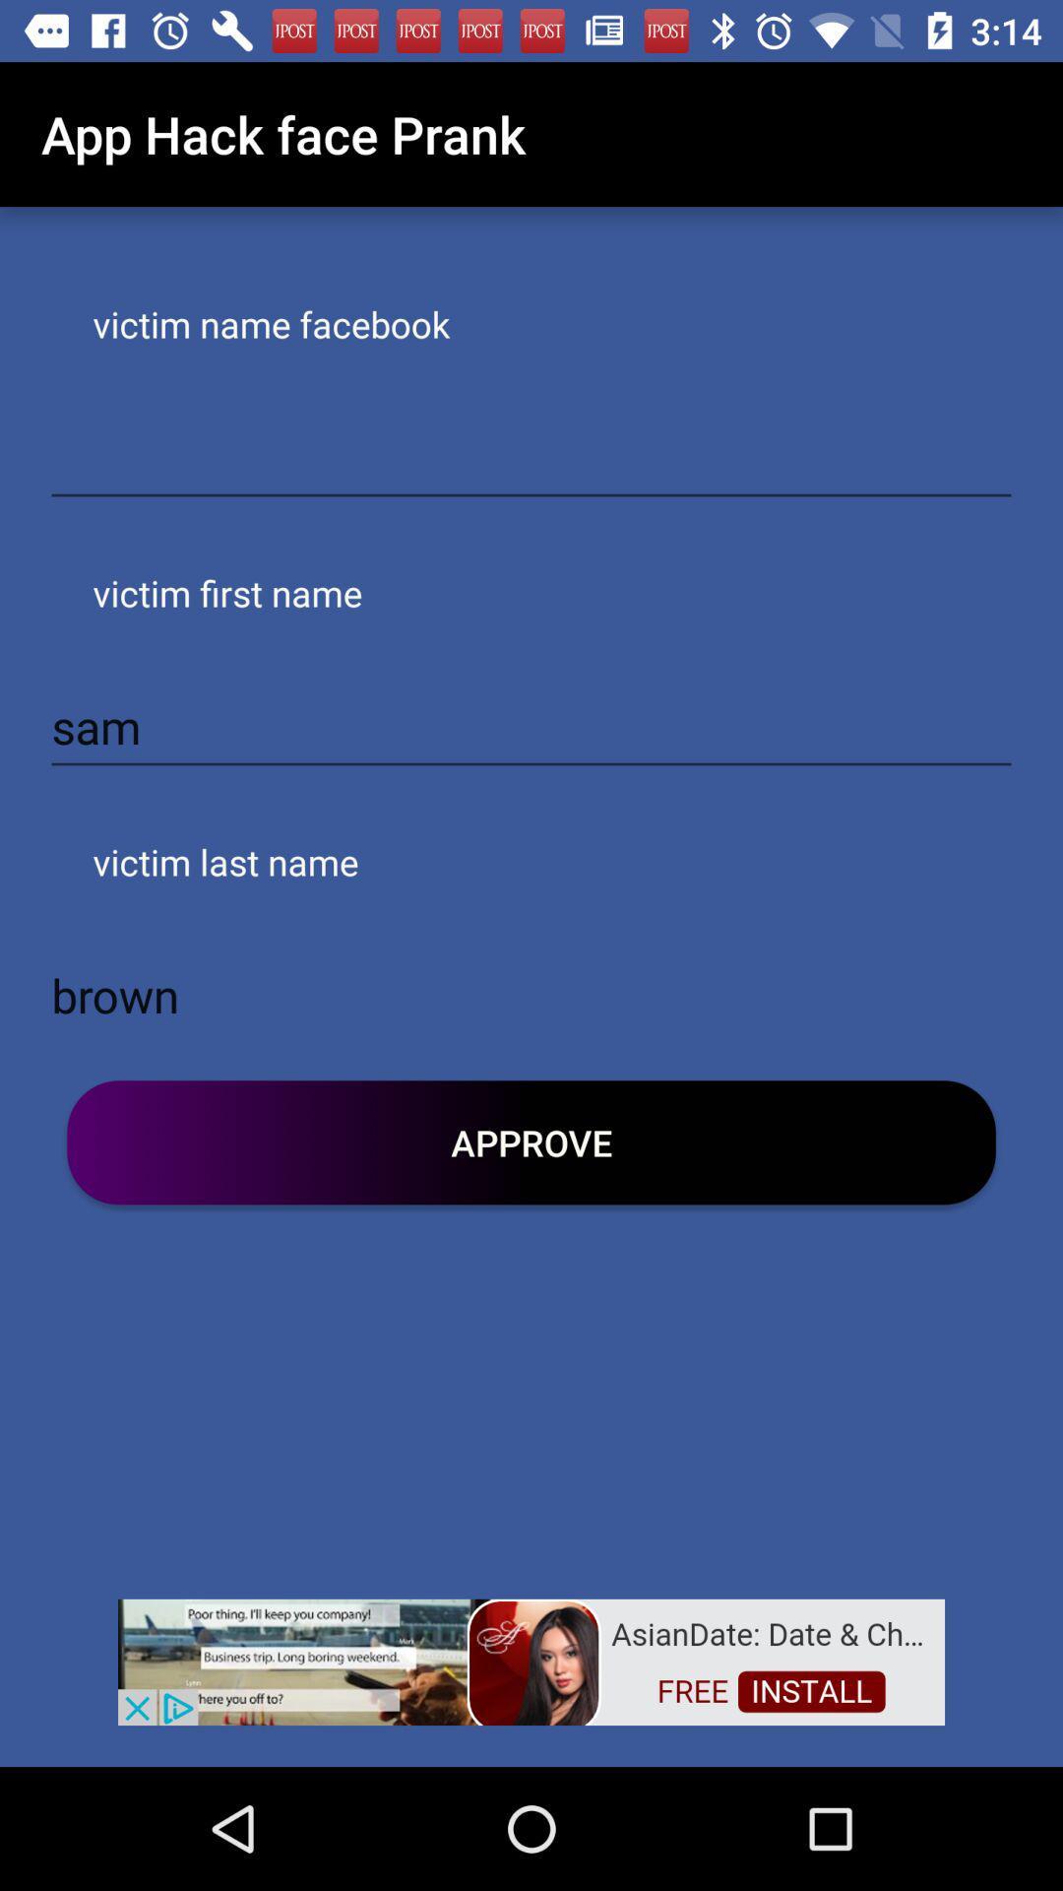 This screenshot has width=1063, height=1891. What do you see at coordinates (531, 1660) in the screenshot?
I see `open advertisement` at bounding box center [531, 1660].